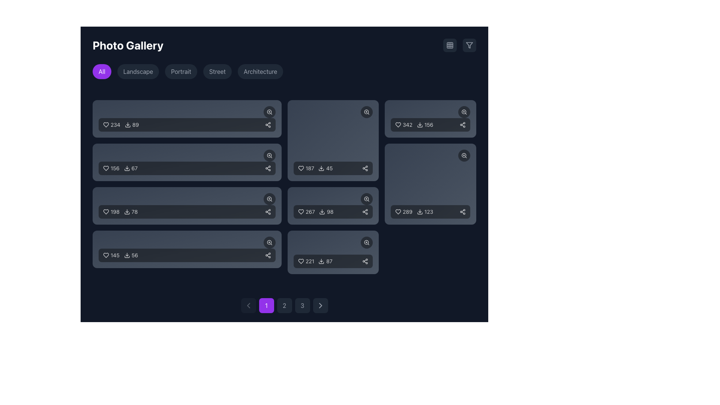 This screenshot has width=720, height=405. I want to click on the numeric value '267' displayed alongside a heart icon, so click(306, 211).